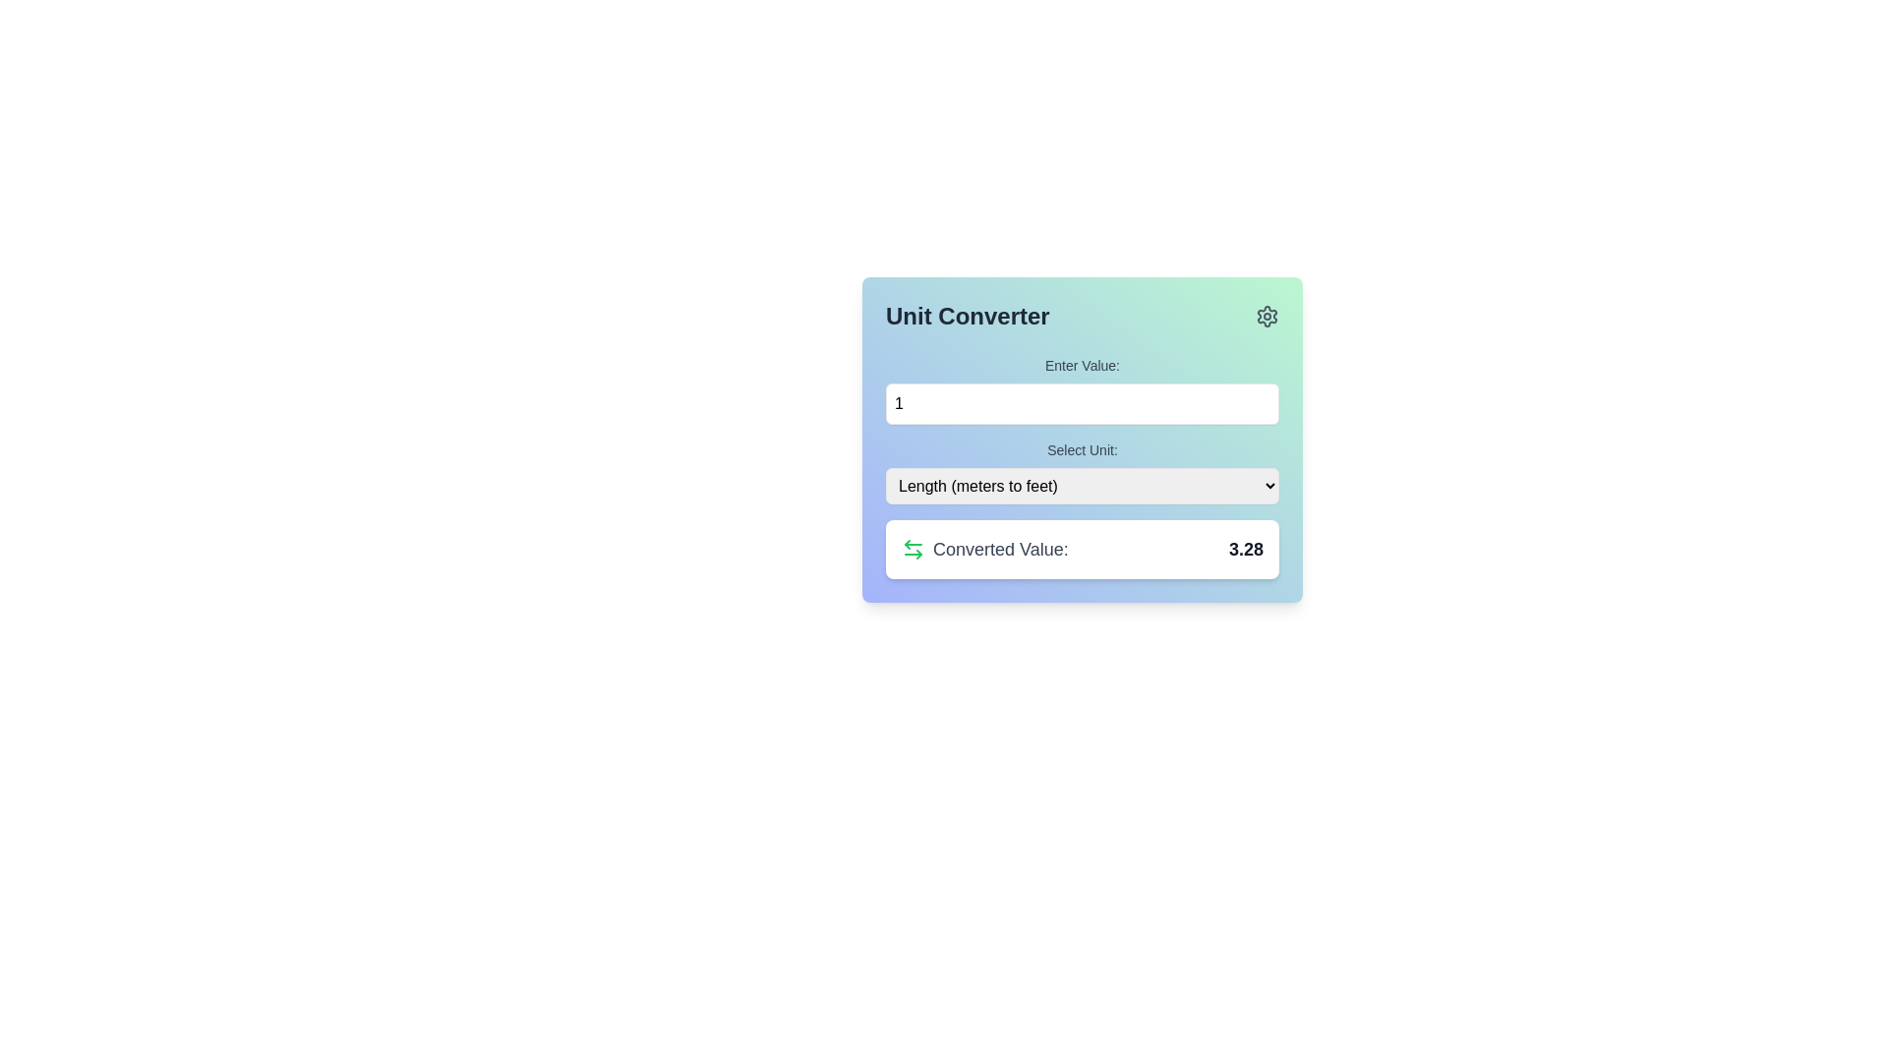  I want to click on the numeric input field labeled 'Enter Value:' under the 'Unit Converter' heading to focus the input box, so click(1081, 390).